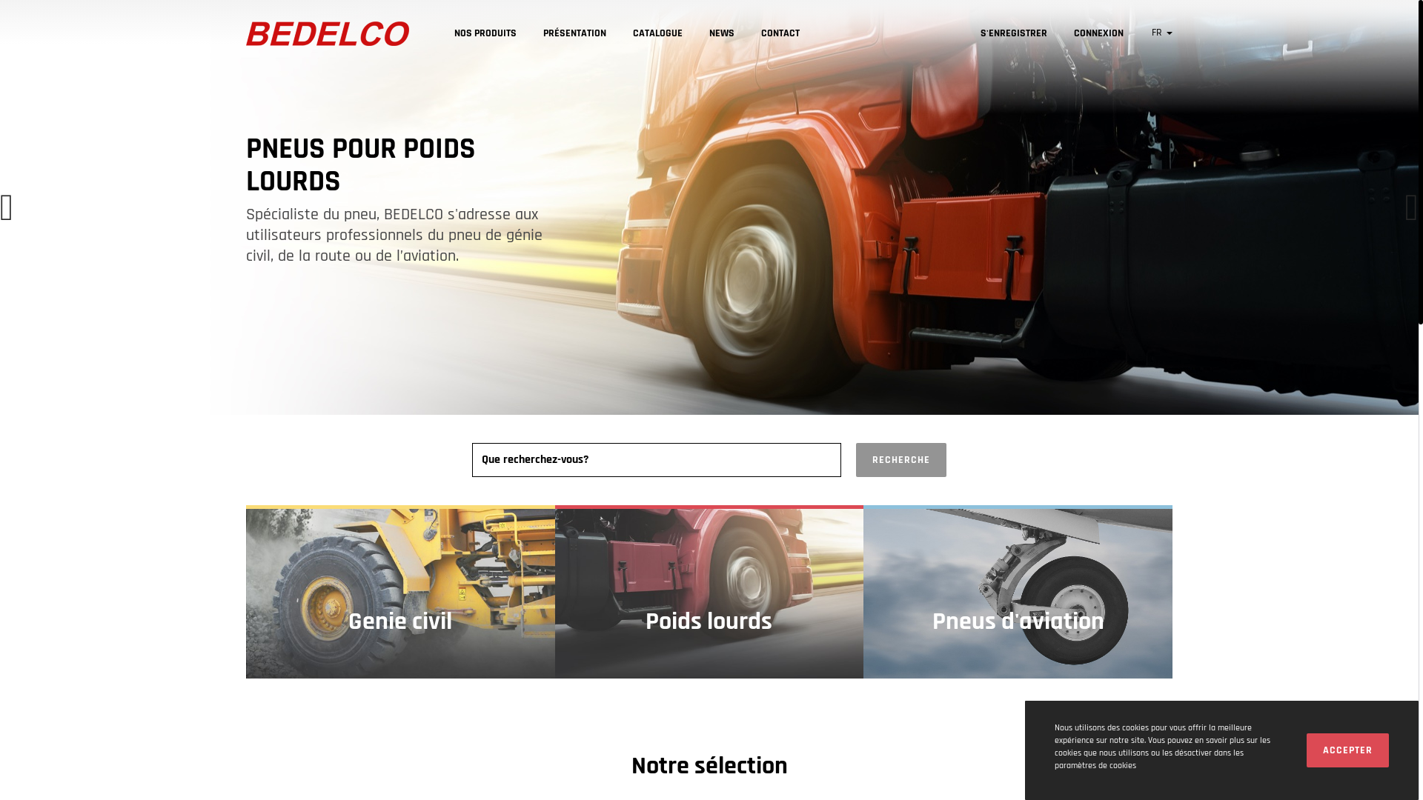  Describe the element at coordinates (779, 33) in the screenshot. I see `'CONTACT'` at that location.